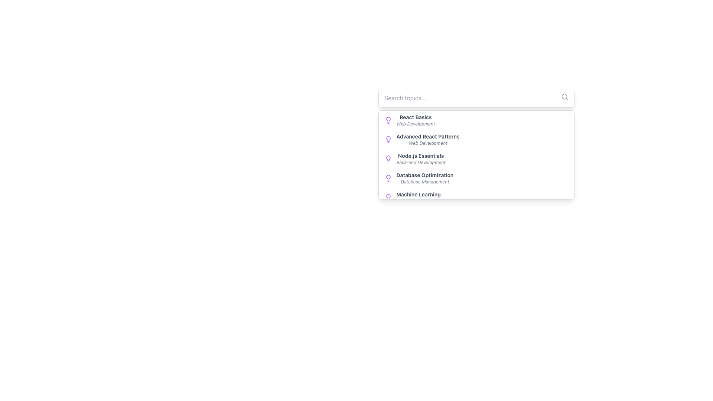 The image size is (713, 401). I want to click on the descriptive Text Label indicating the category or focus area of the course, which is the second entry in the list below 'Advanced React Patterns', so click(428, 143).